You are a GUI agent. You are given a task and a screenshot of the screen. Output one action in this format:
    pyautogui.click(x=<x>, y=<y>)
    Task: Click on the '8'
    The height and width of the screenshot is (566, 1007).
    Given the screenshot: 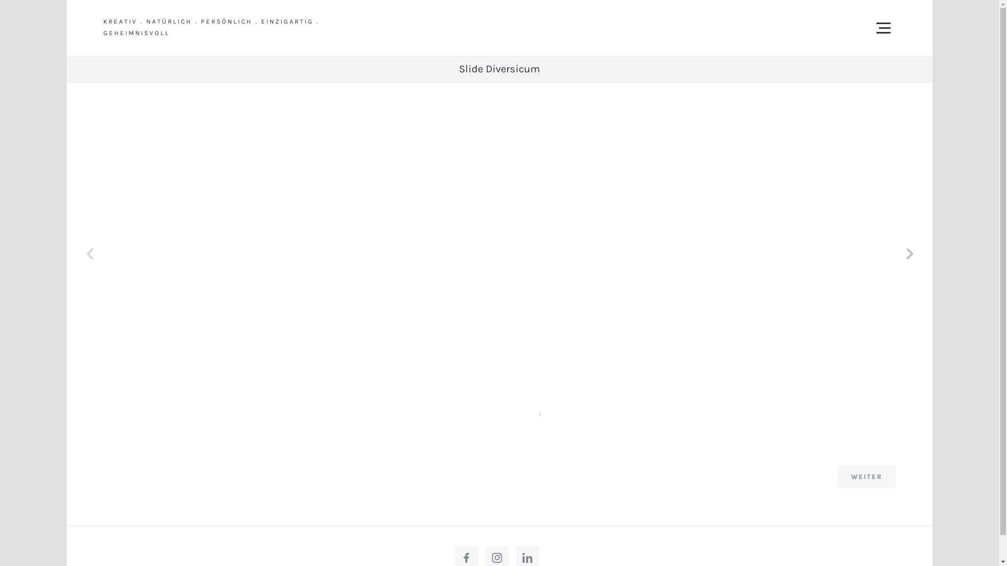 What is the action you would take?
    pyautogui.click(x=521, y=413)
    